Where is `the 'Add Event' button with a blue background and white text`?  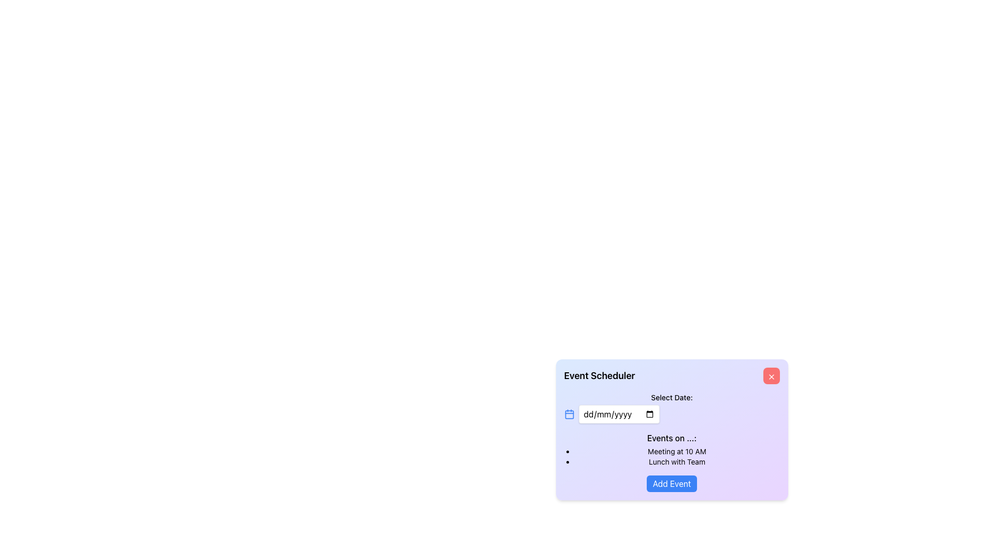
the 'Add Event' button with a blue background and white text is located at coordinates (672, 484).